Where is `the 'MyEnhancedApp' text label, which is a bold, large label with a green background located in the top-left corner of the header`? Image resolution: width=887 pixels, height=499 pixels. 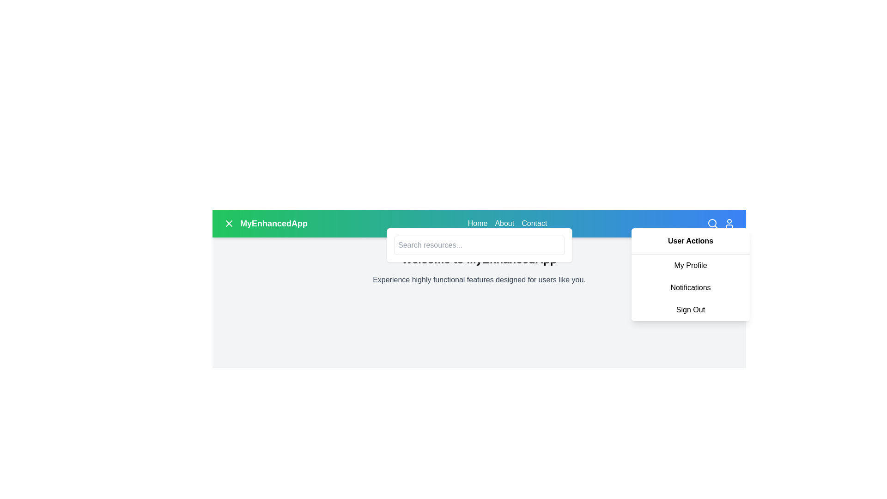
the 'MyEnhancedApp' text label, which is a bold, large label with a green background located in the top-left corner of the header is located at coordinates (273, 223).